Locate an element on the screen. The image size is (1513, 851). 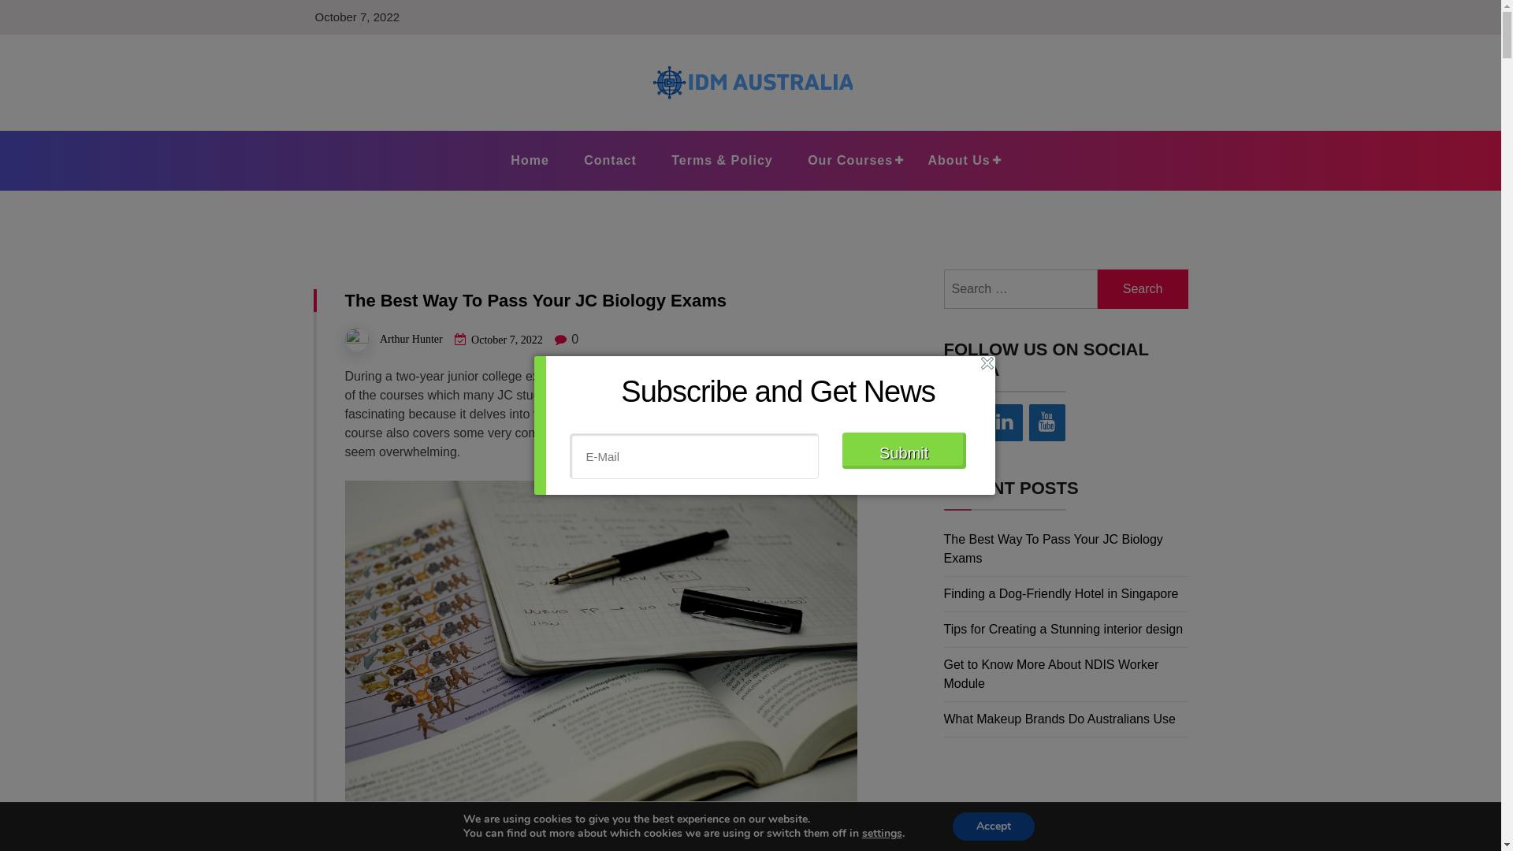
'Arthur Hunter' is located at coordinates (411, 338).